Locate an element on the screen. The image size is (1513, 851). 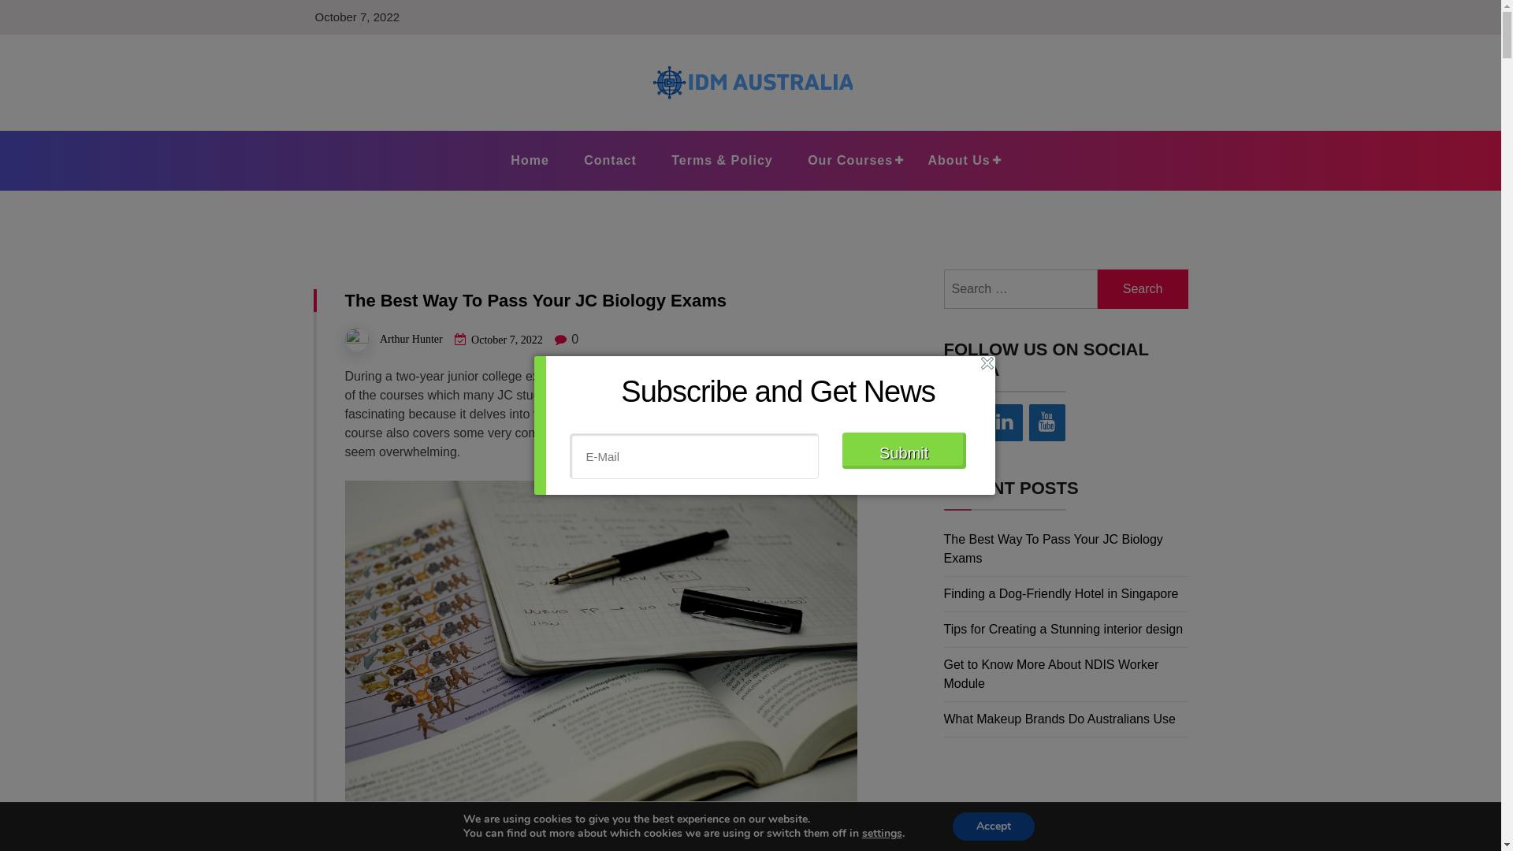
'Arthur Hunter' is located at coordinates (411, 338).